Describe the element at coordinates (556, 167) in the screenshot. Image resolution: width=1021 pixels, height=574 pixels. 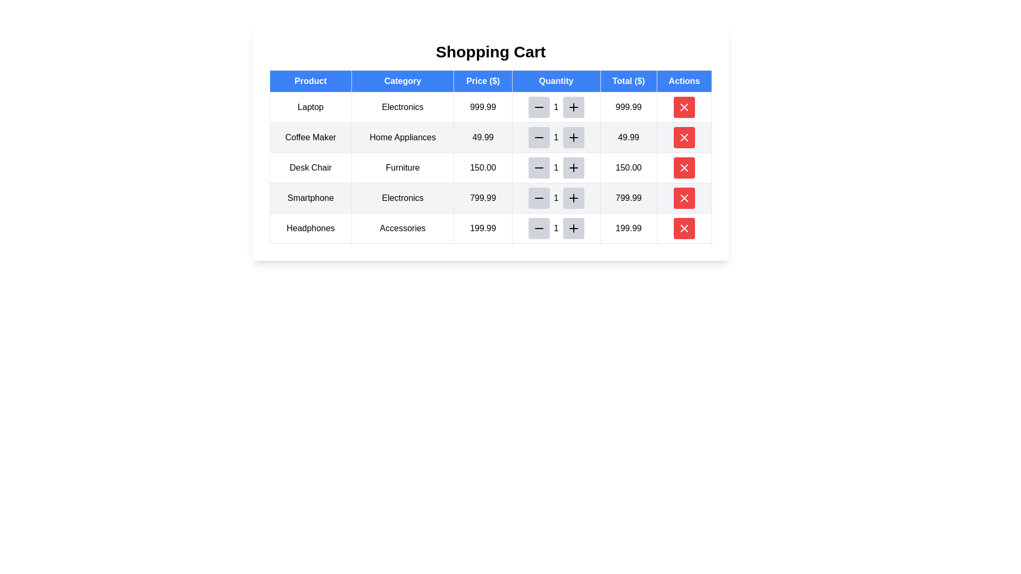
I see `the text digit '1' located centrally within the quantity adjustment section of the 'Desk Chair' row in the shopping cart table` at that location.